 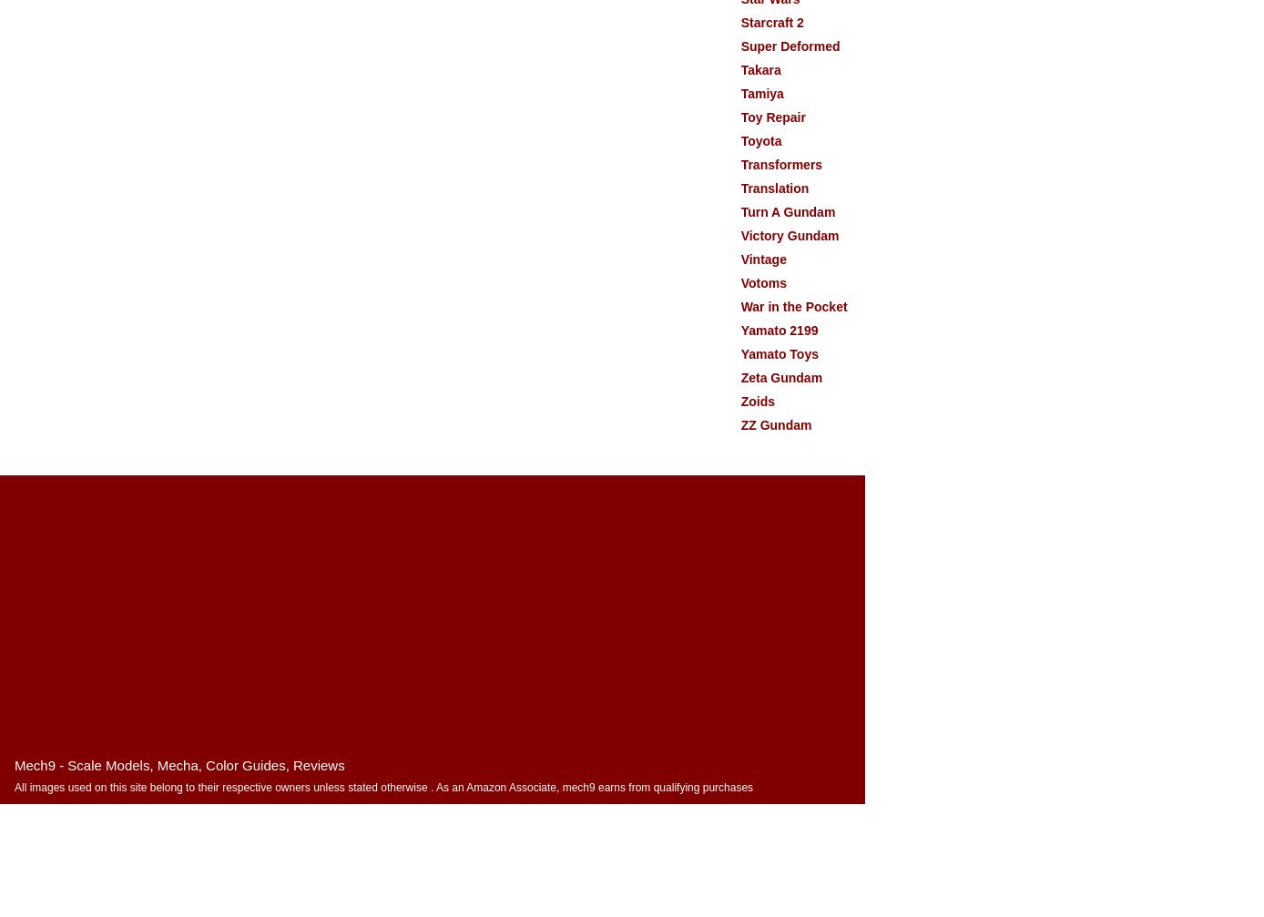 What do you see at coordinates (739, 354) in the screenshot?
I see `'Yamato Toys'` at bounding box center [739, 354].